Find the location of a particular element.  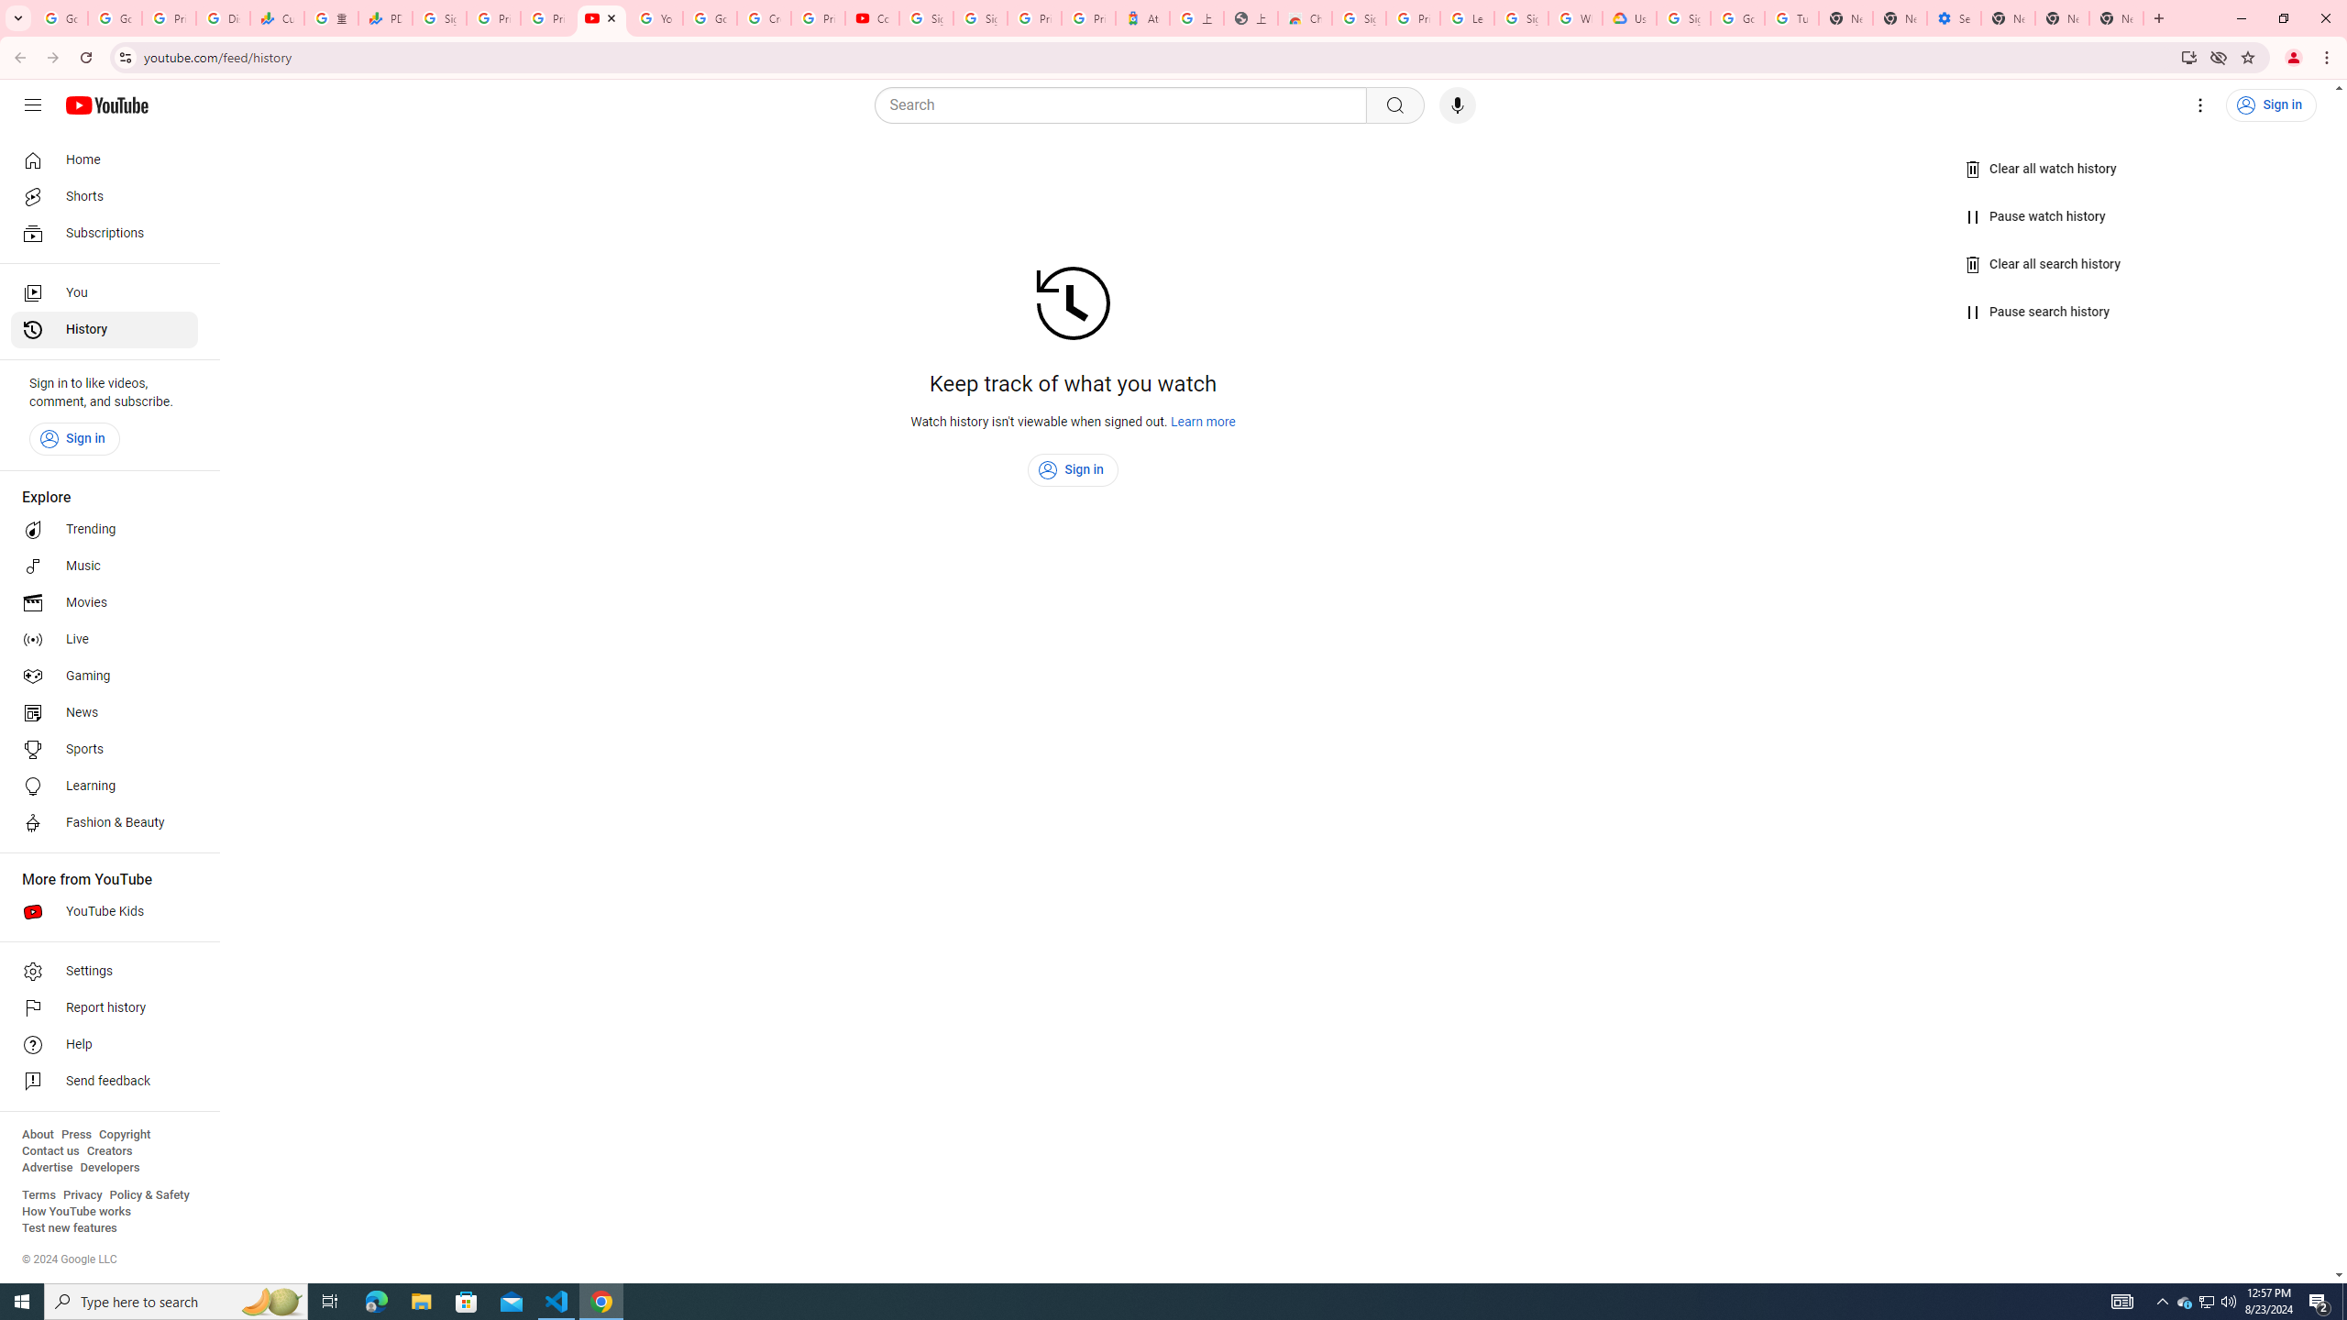

'Shorts' is located at coordinates (104, 196).